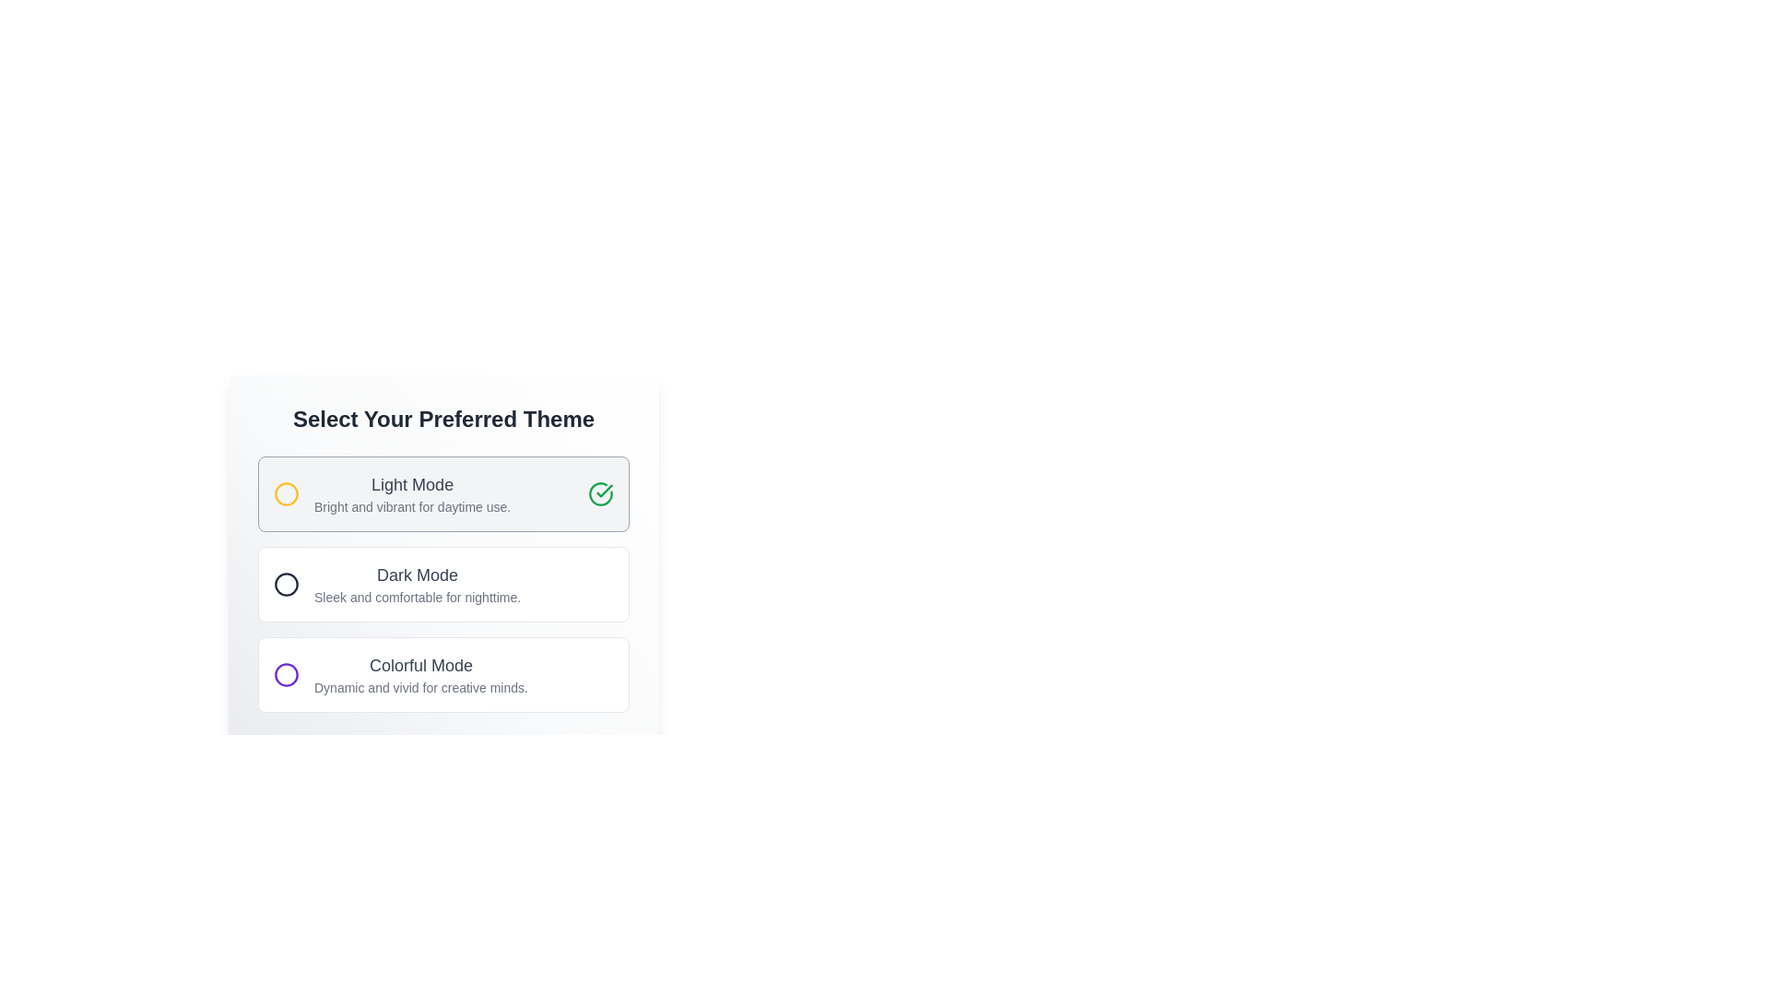  I want to click on the decorative SVG Circle that visually indicates the 'Colorful Mode' option, located to the left of the text label, so click(286, 675).